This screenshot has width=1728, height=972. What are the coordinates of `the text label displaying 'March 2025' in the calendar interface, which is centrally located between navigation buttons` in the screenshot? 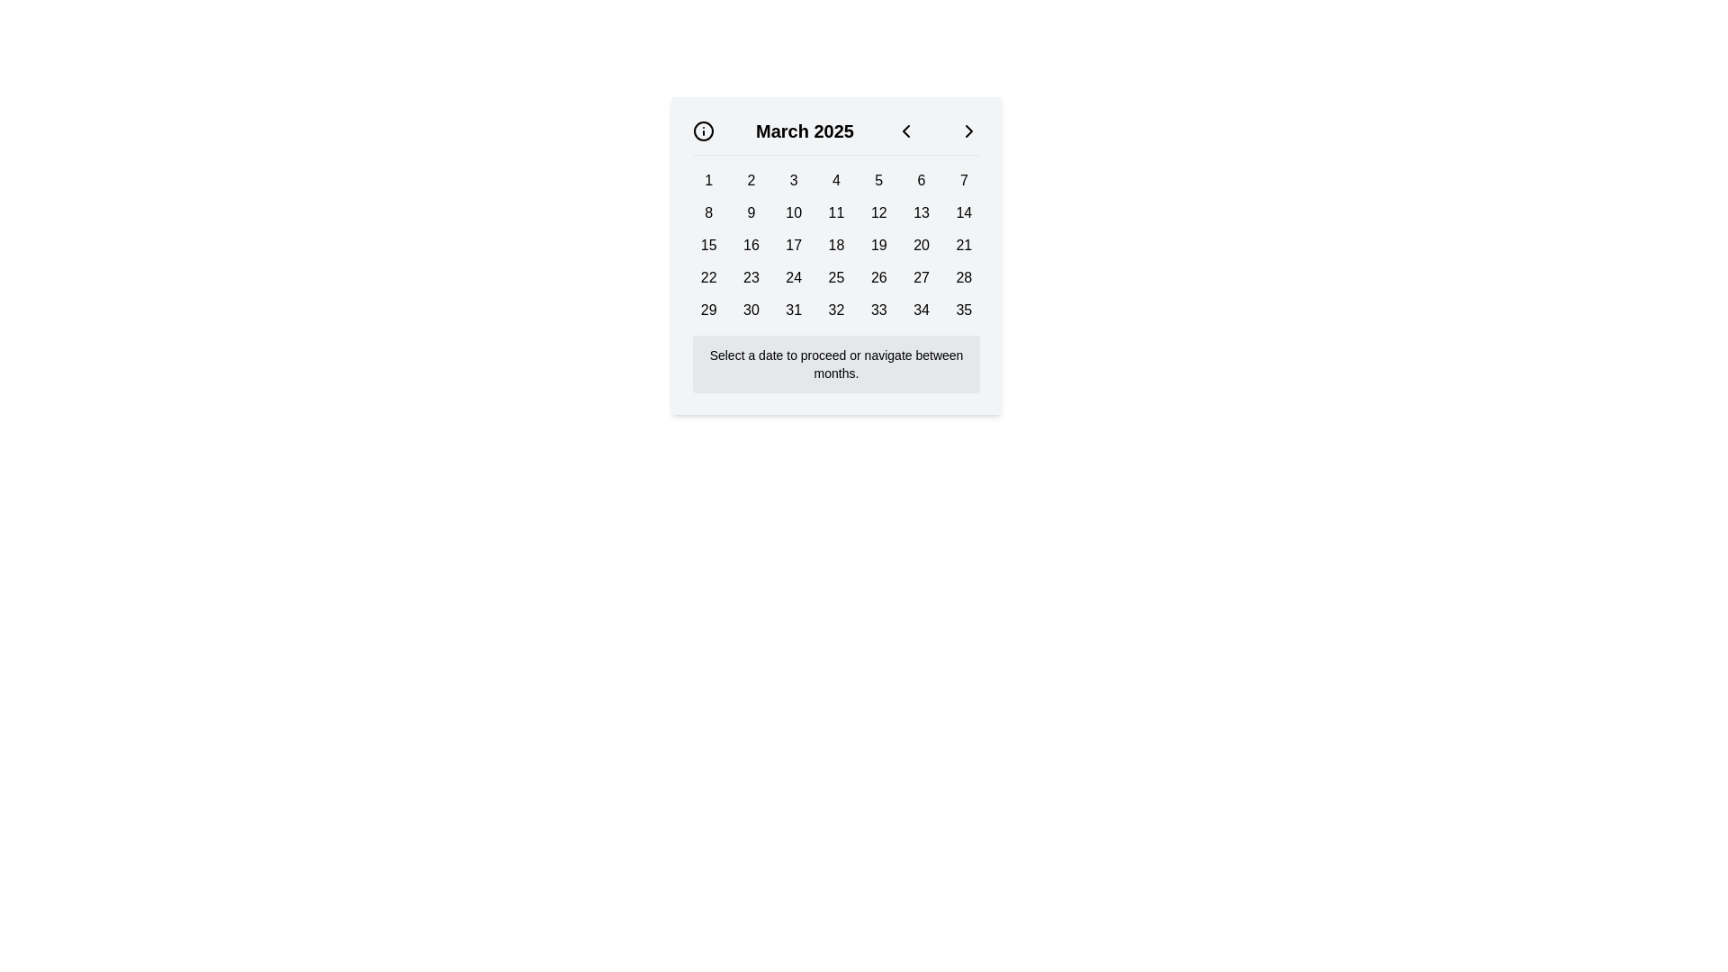 It's located at (804, 130).